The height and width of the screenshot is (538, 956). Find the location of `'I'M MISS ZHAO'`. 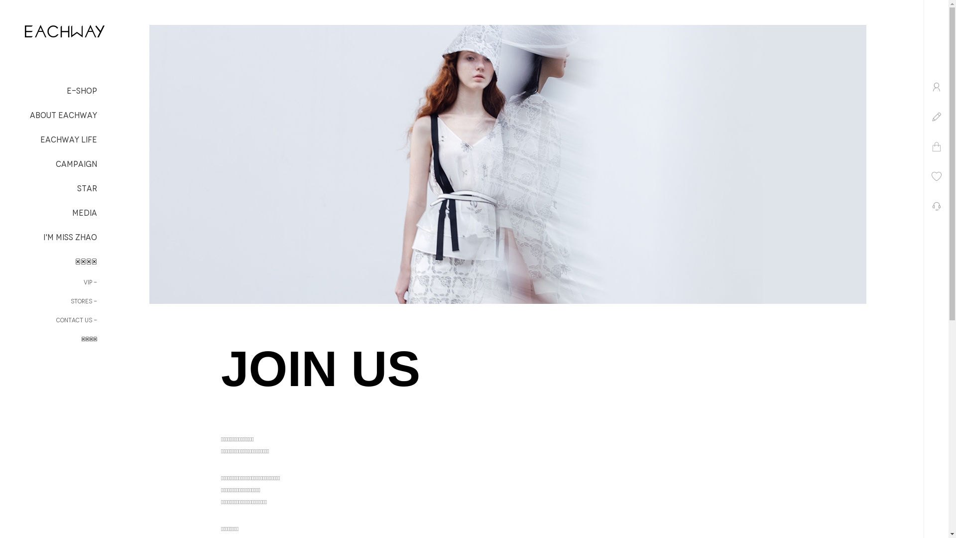

'I'M MISS ZHAO' is located at coordinates (48, 238).